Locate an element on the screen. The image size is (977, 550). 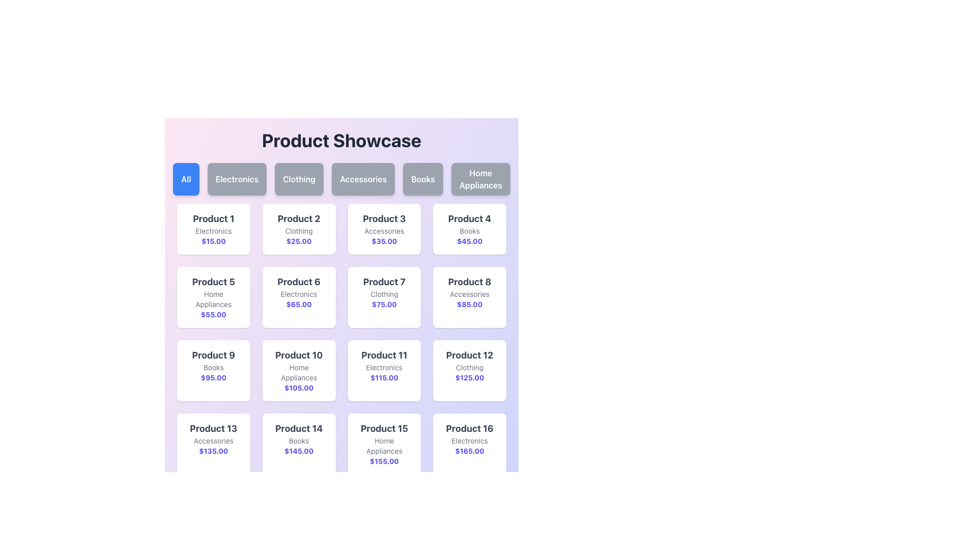
the text label displaying 'Books', which is the second line in the card titled 'Product 9' located in the third row and first column of the grid layout is located at coordinates (213, 367).